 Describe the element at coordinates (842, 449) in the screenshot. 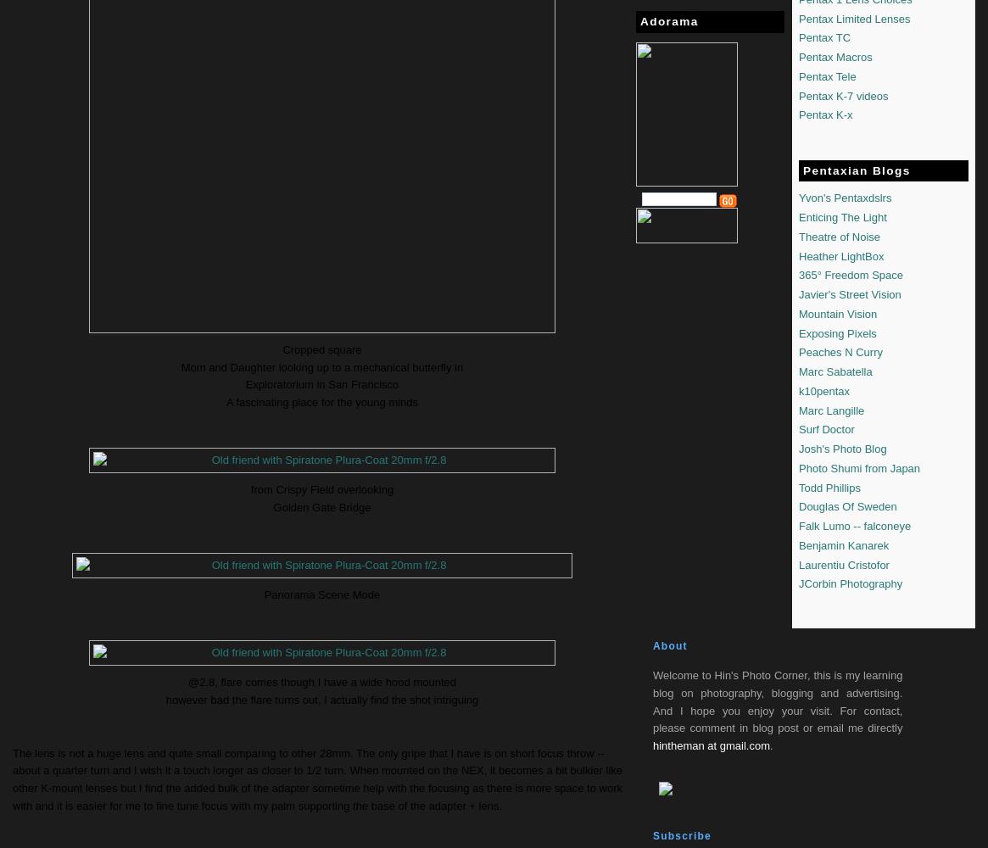

I see `'Josh's Photo Blog'` at that location.